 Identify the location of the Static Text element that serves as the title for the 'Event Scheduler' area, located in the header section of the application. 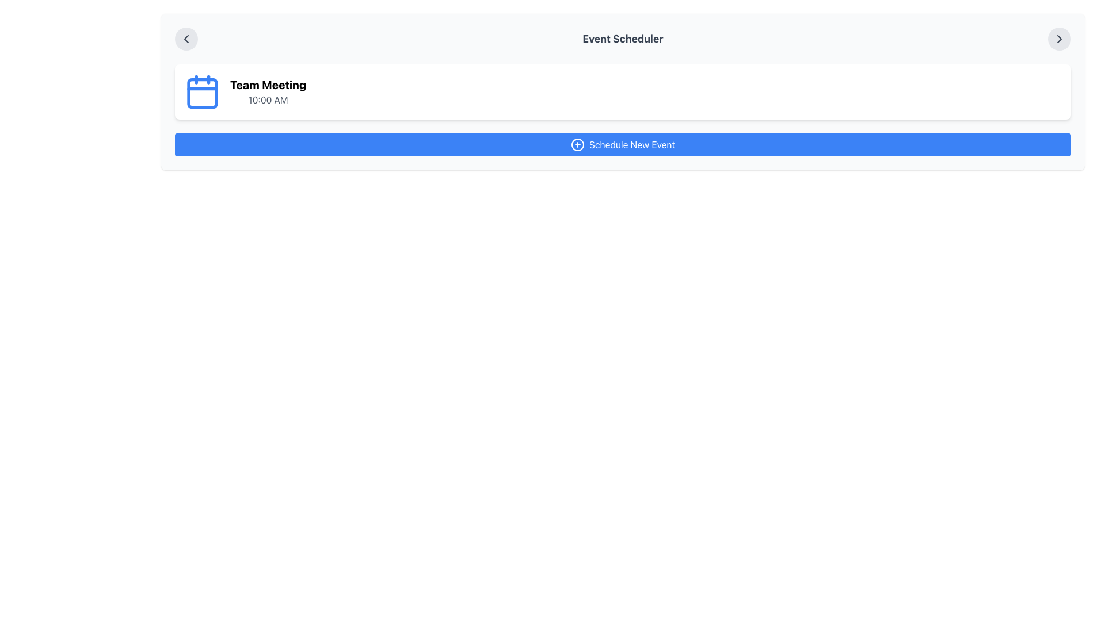
(622, 39).